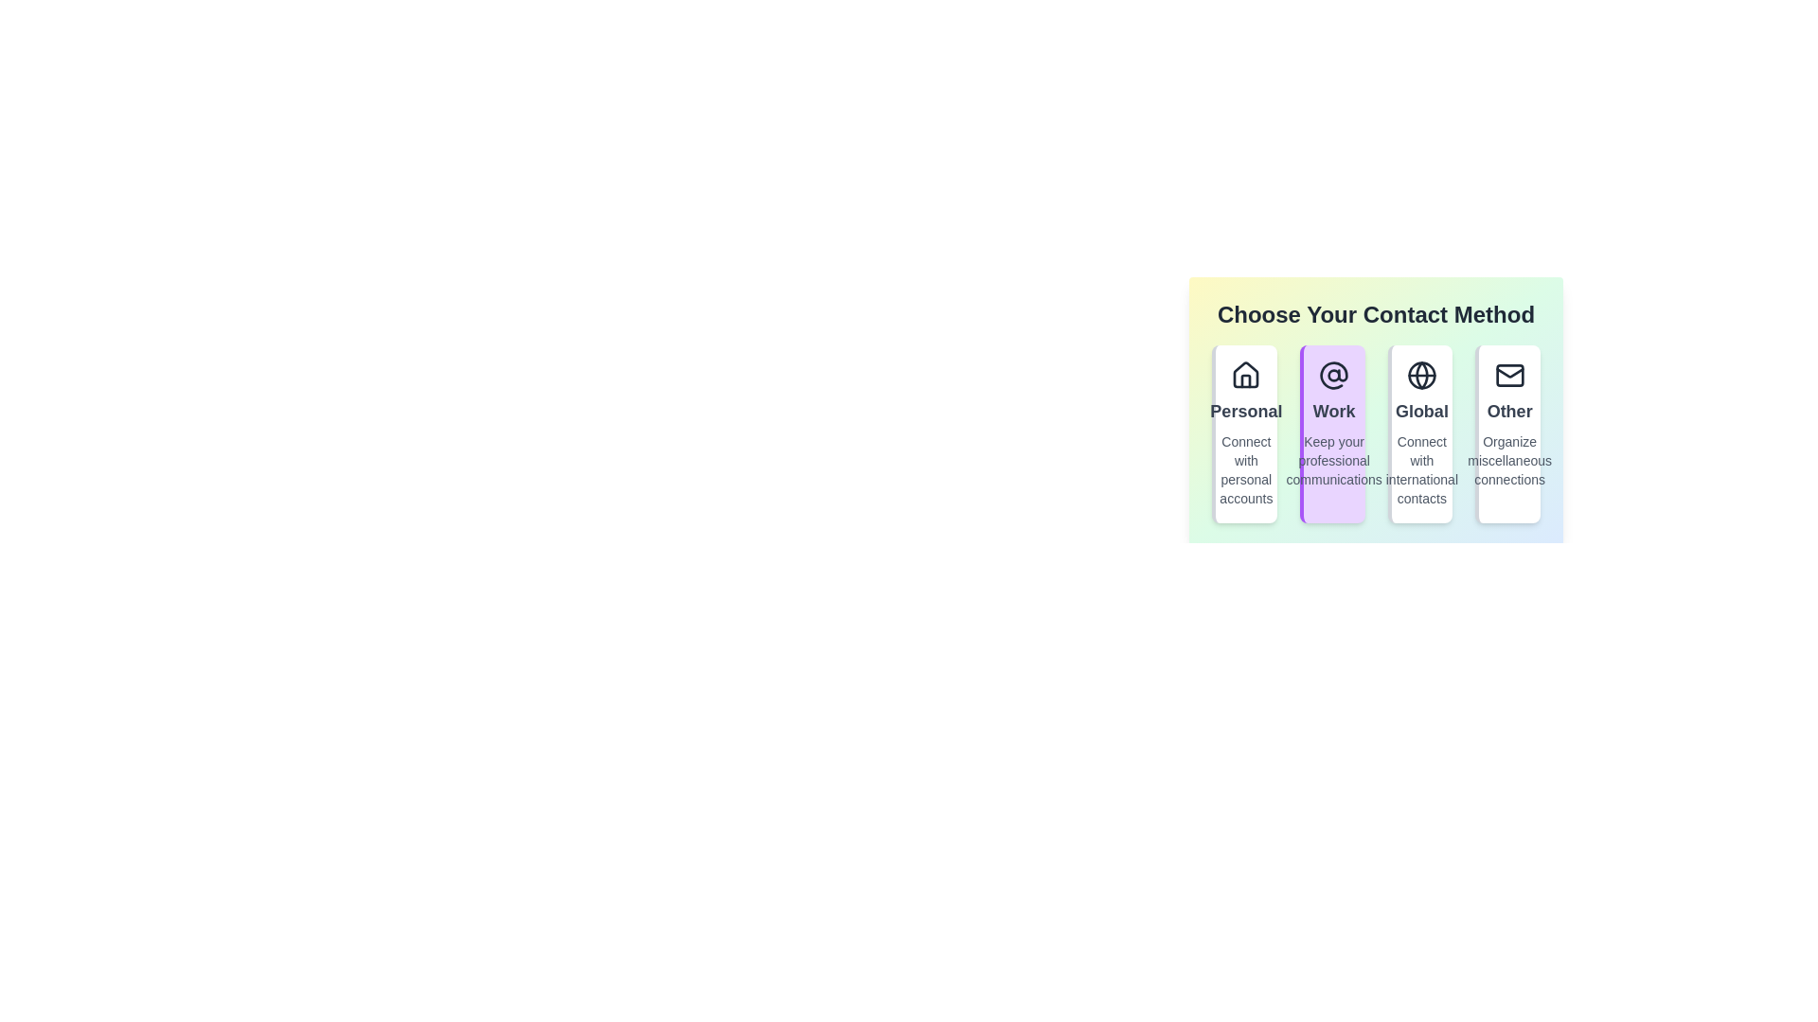 The width and height of the screenshot is (1818, 1022). What do you see at coordinates (1419, 434) in the screenshot?
I see `the contact method Global to observe the animation effect` at bounding box center [1419, 434].